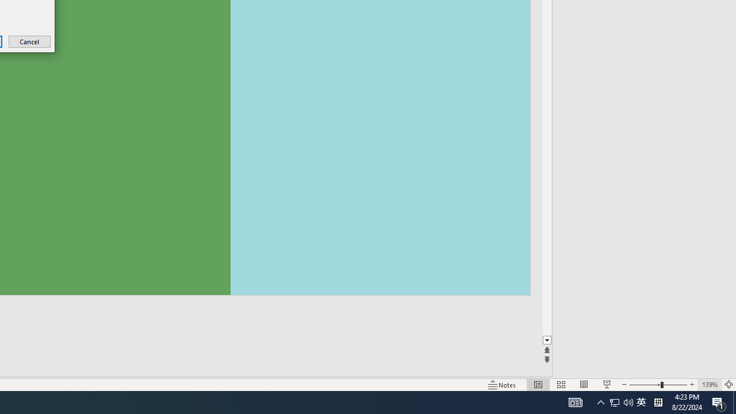 This screenshot has height=414, width=736. I want to click on 'User Promoted Notification Area', so click(641, 401).